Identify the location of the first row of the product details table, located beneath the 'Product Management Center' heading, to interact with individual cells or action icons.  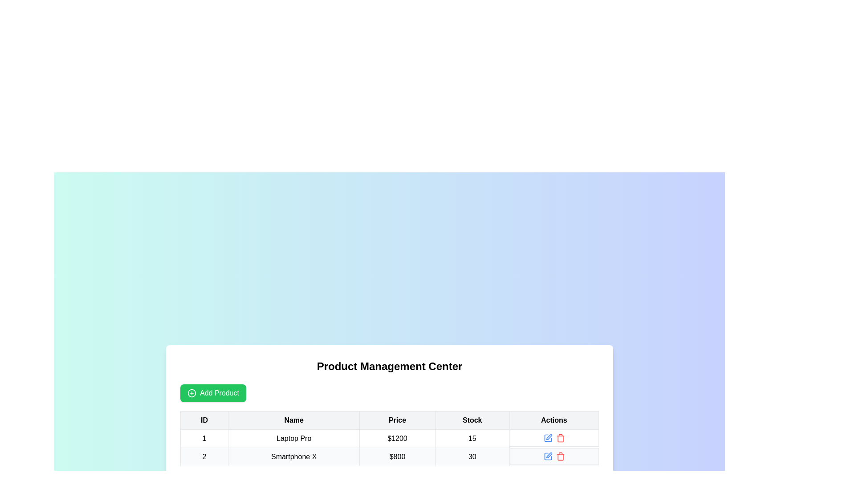
(389, 438).